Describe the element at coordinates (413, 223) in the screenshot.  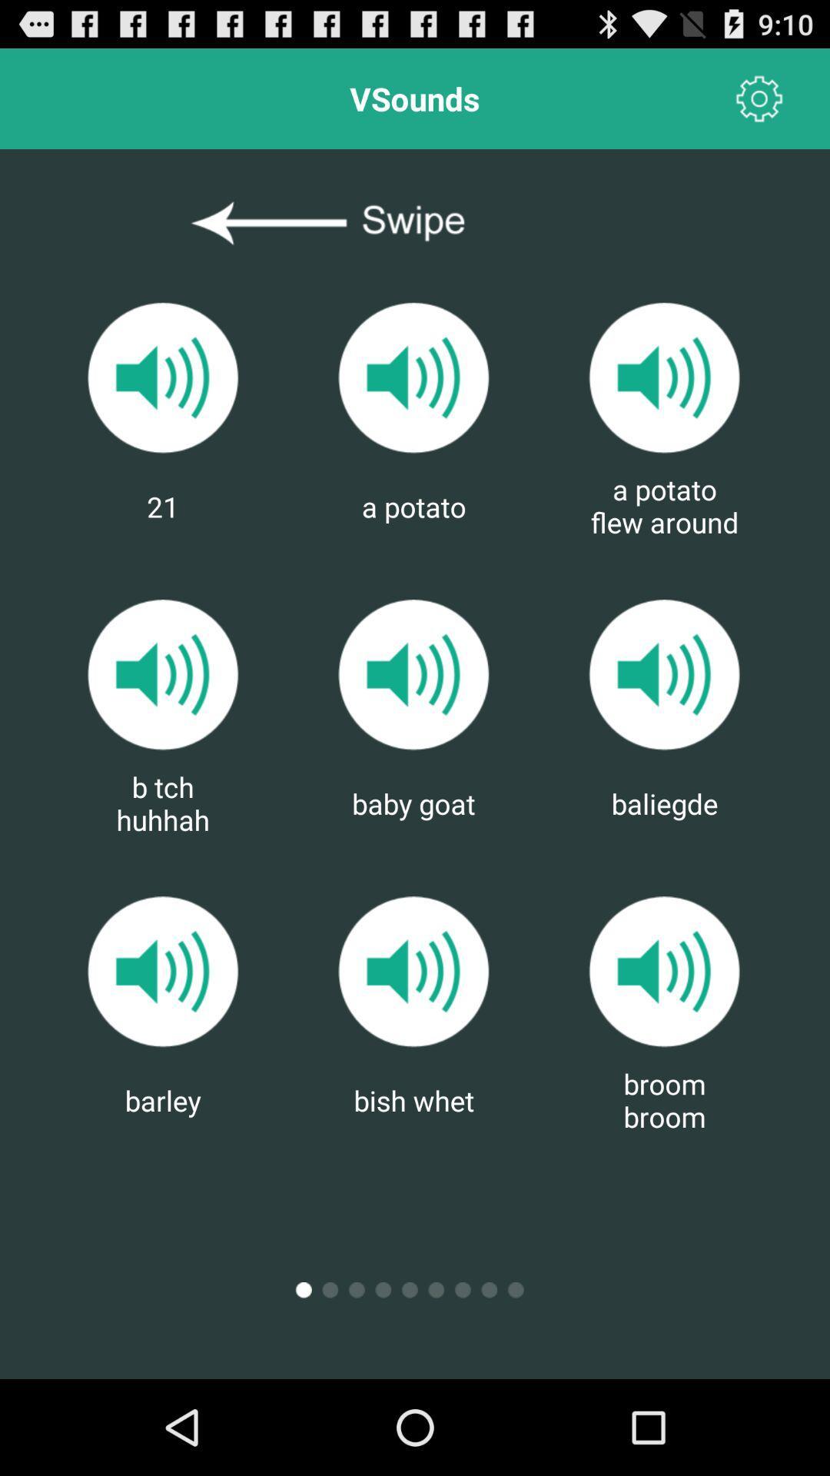
I see `the item below vsounds icon` at that location.